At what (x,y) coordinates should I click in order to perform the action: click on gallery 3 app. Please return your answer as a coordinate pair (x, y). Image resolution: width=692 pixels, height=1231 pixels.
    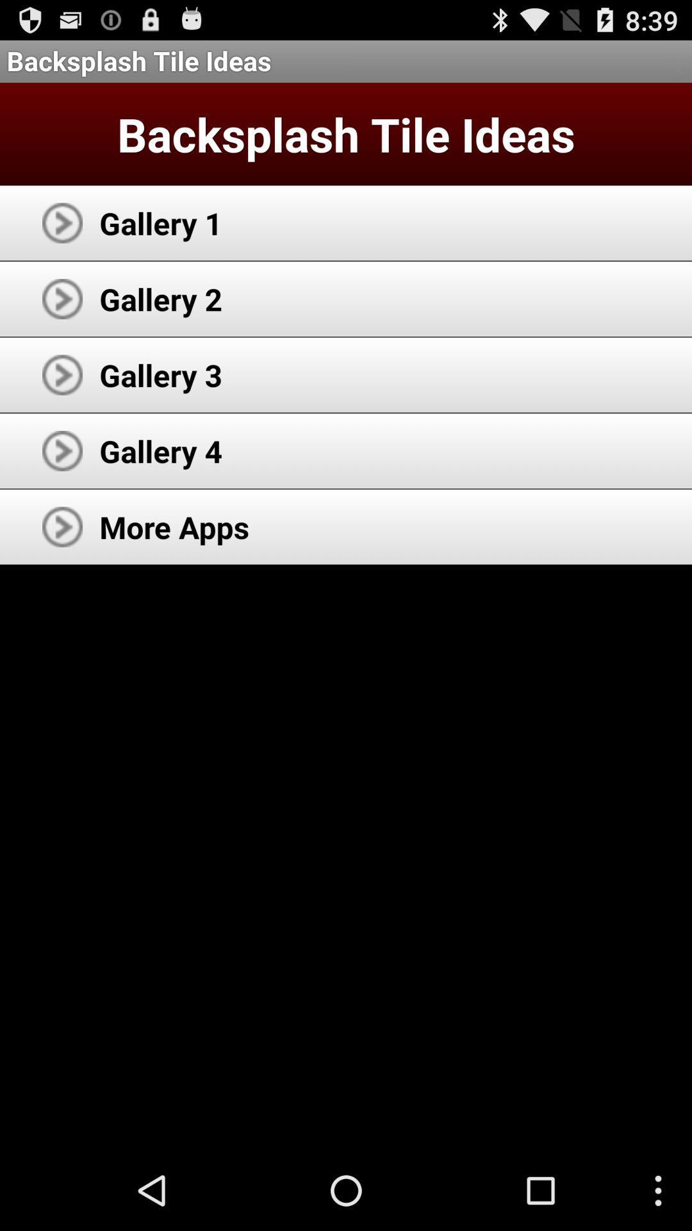
    Looking at the image, I should click on (160, 374).